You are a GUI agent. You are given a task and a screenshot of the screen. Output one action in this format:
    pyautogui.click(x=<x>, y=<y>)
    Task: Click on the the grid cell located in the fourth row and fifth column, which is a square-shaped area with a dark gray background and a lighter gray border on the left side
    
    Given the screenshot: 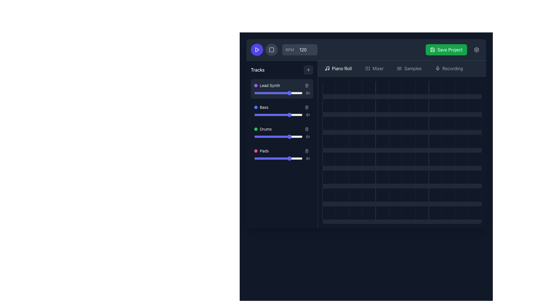 What is the action you would take?
    pyautogui.click(x=382, y=141)
    